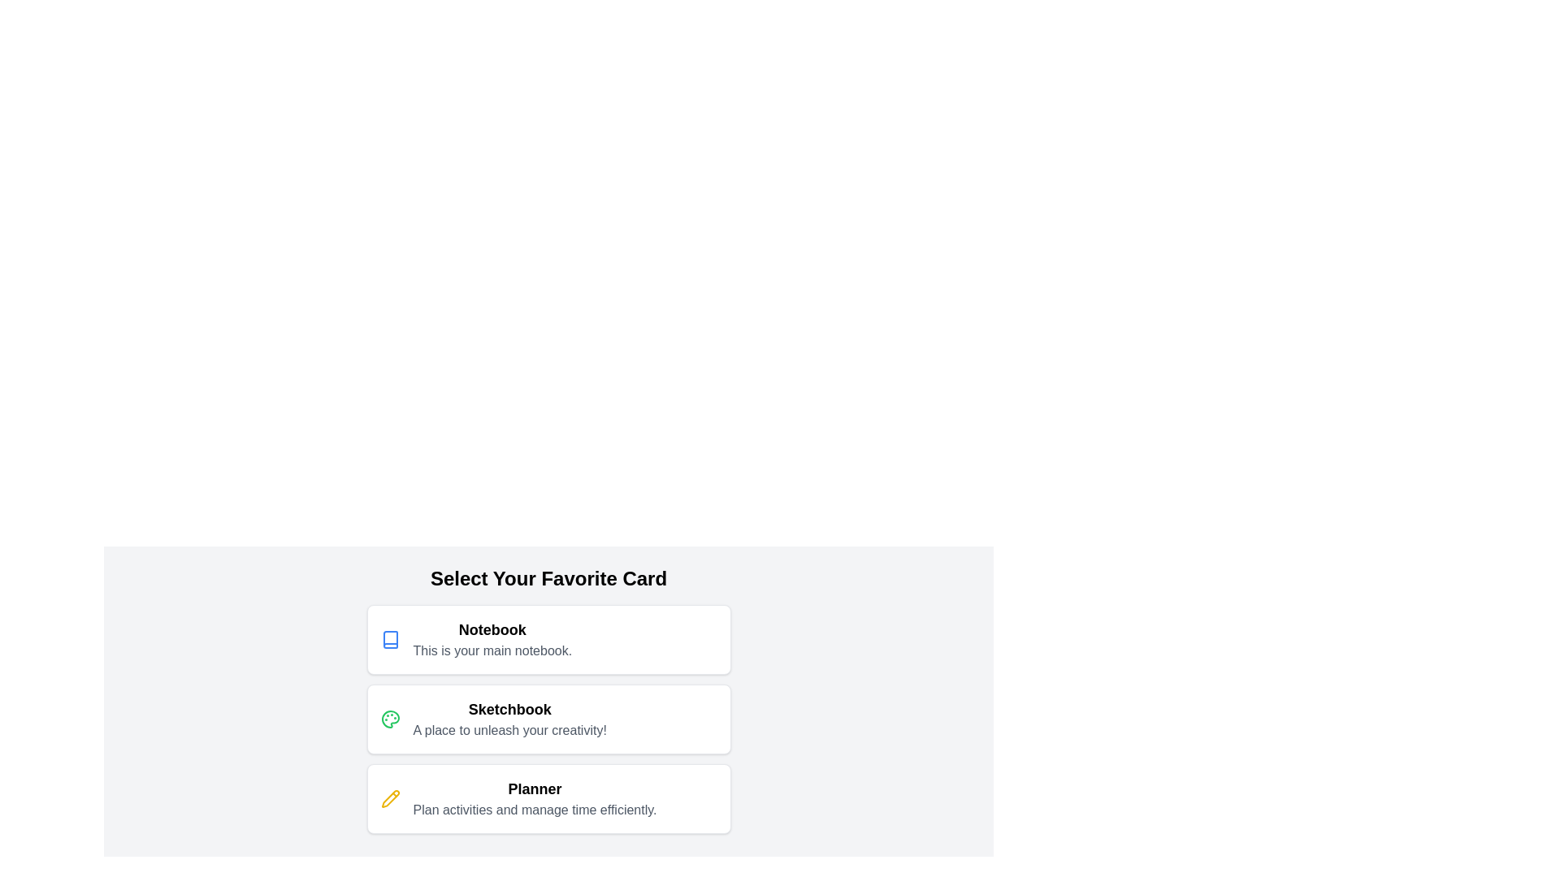 The height and width of the screenshot is (877, 1560). Describe the element at coordinates (535, 797) in the screenshot. I see `descriptive text block for the 'Planner' card located in the selection menu, positioned below the 'Notebook' and 'Sketchbook' cards` at that location.